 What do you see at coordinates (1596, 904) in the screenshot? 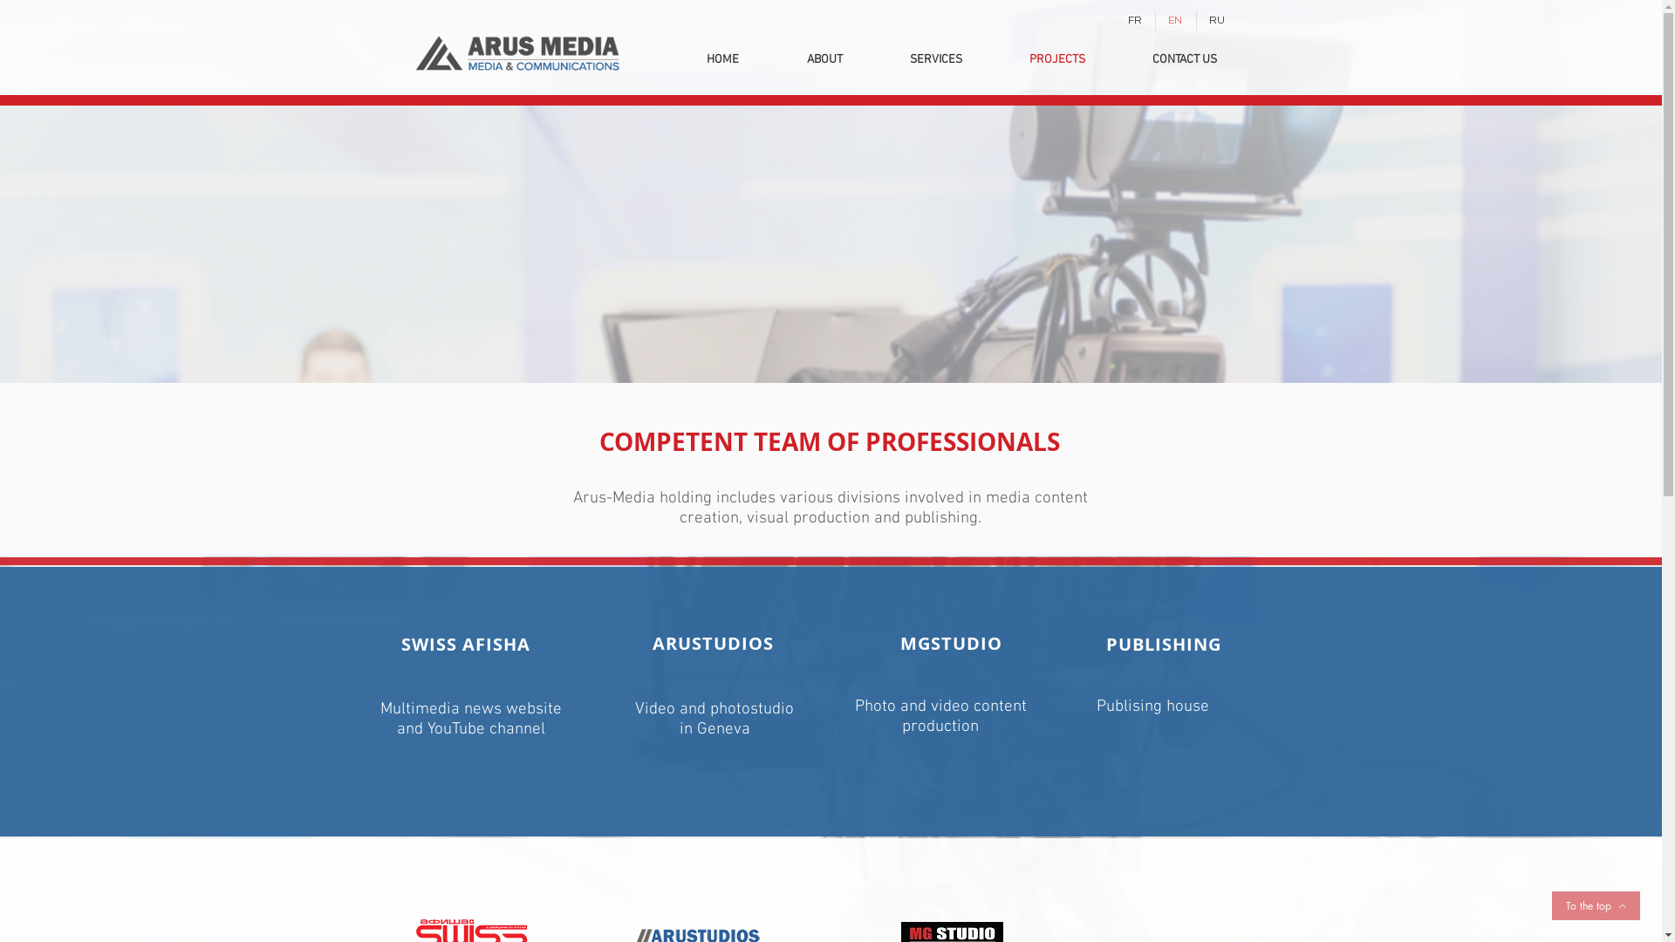
I see `'To the top'` at bounding box center [1596, 904].